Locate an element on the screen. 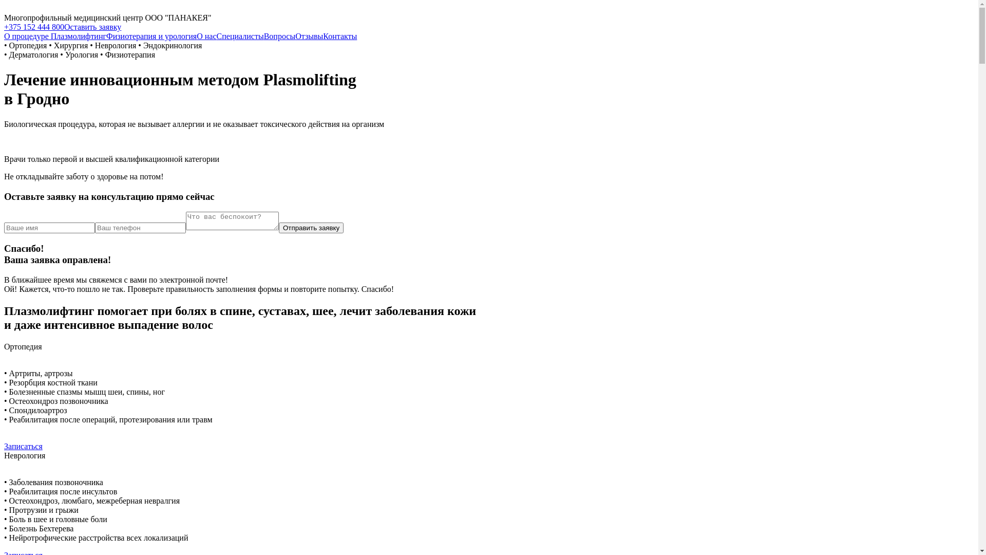 The height and width of the screenshot is (555, 986). '+375 152 444 800' is located at coordinates (34, 26).